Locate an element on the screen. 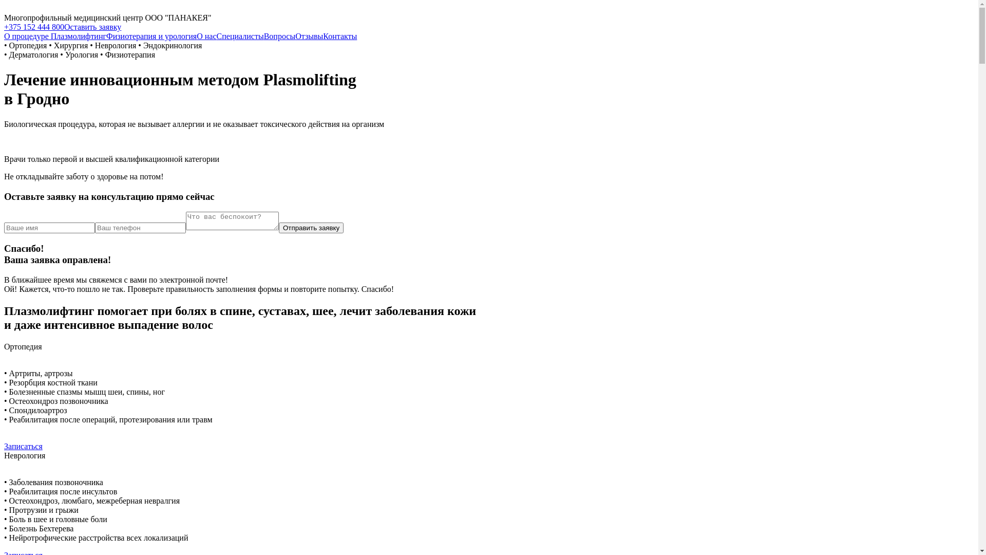 The height and width of the screenshot is (555, 986). '+375 152 444 800' is located at coordinates (34, 26).